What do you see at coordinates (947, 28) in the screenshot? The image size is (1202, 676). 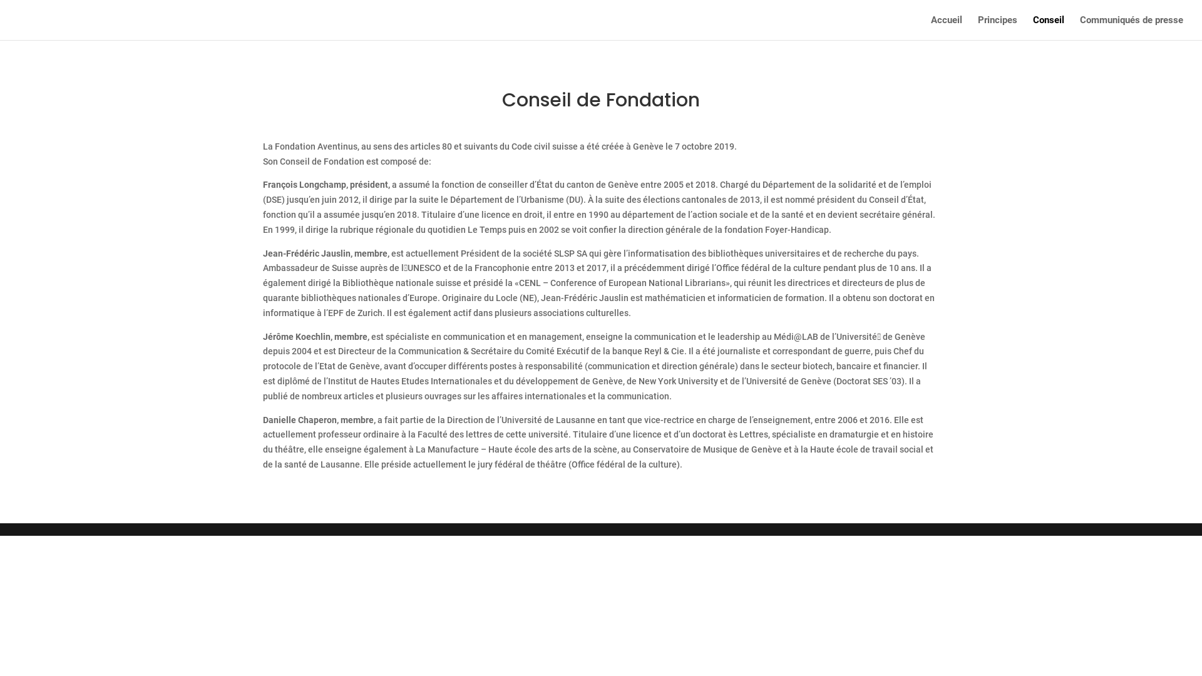 I see `'Accueil'` at bounding box center [947, 28].